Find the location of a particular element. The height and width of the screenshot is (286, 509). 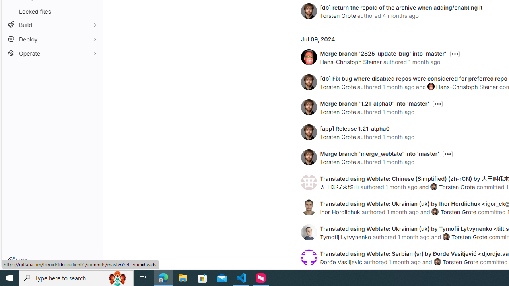

'Locked files' is located at coordinates (52, 11).